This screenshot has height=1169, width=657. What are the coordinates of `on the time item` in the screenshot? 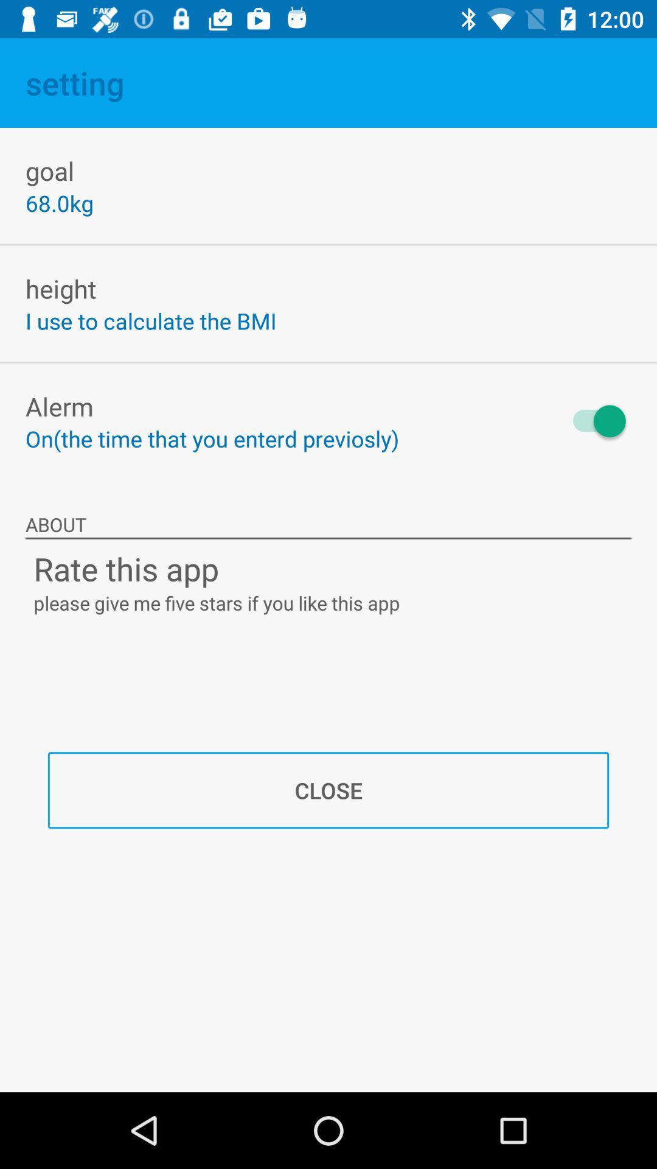 It's located at (212, 438).